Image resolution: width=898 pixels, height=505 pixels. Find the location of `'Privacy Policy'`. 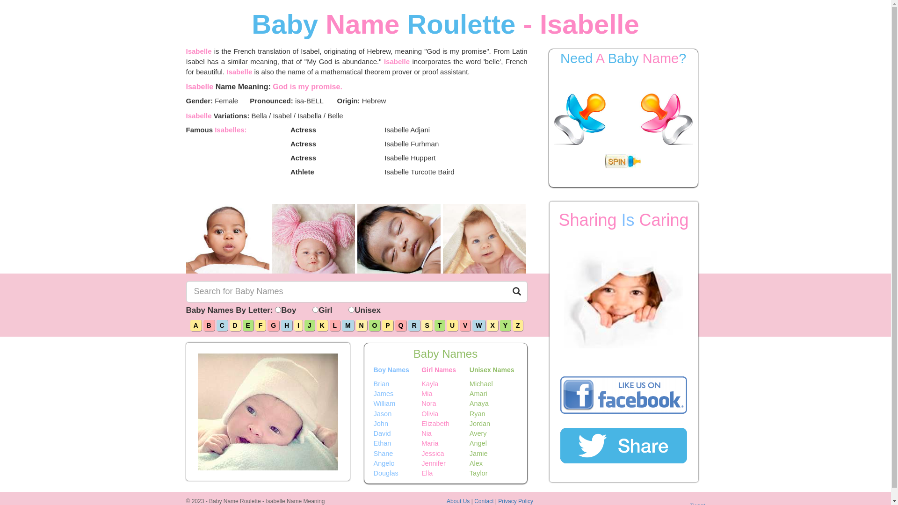

'Privacy Policy' is located at coordinates (515, 501).